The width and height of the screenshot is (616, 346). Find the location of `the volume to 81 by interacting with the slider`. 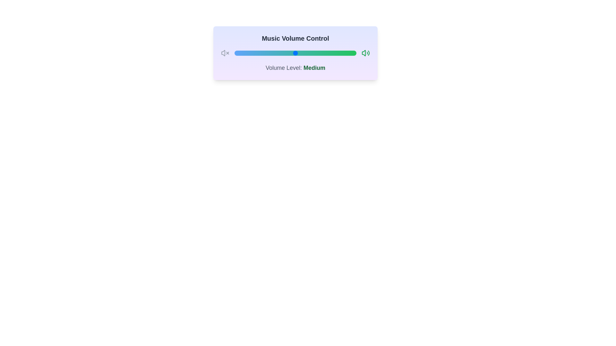

the volume to 81 by interacting with the slider is located at coordinates (333, 53).